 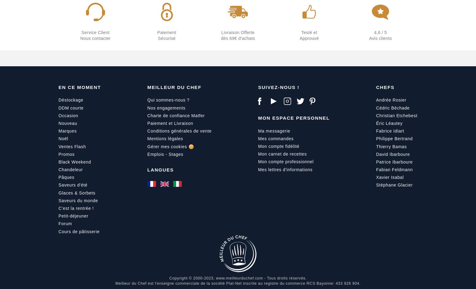 I want to click on 'Chandeleur', so click(x=58, y=169).